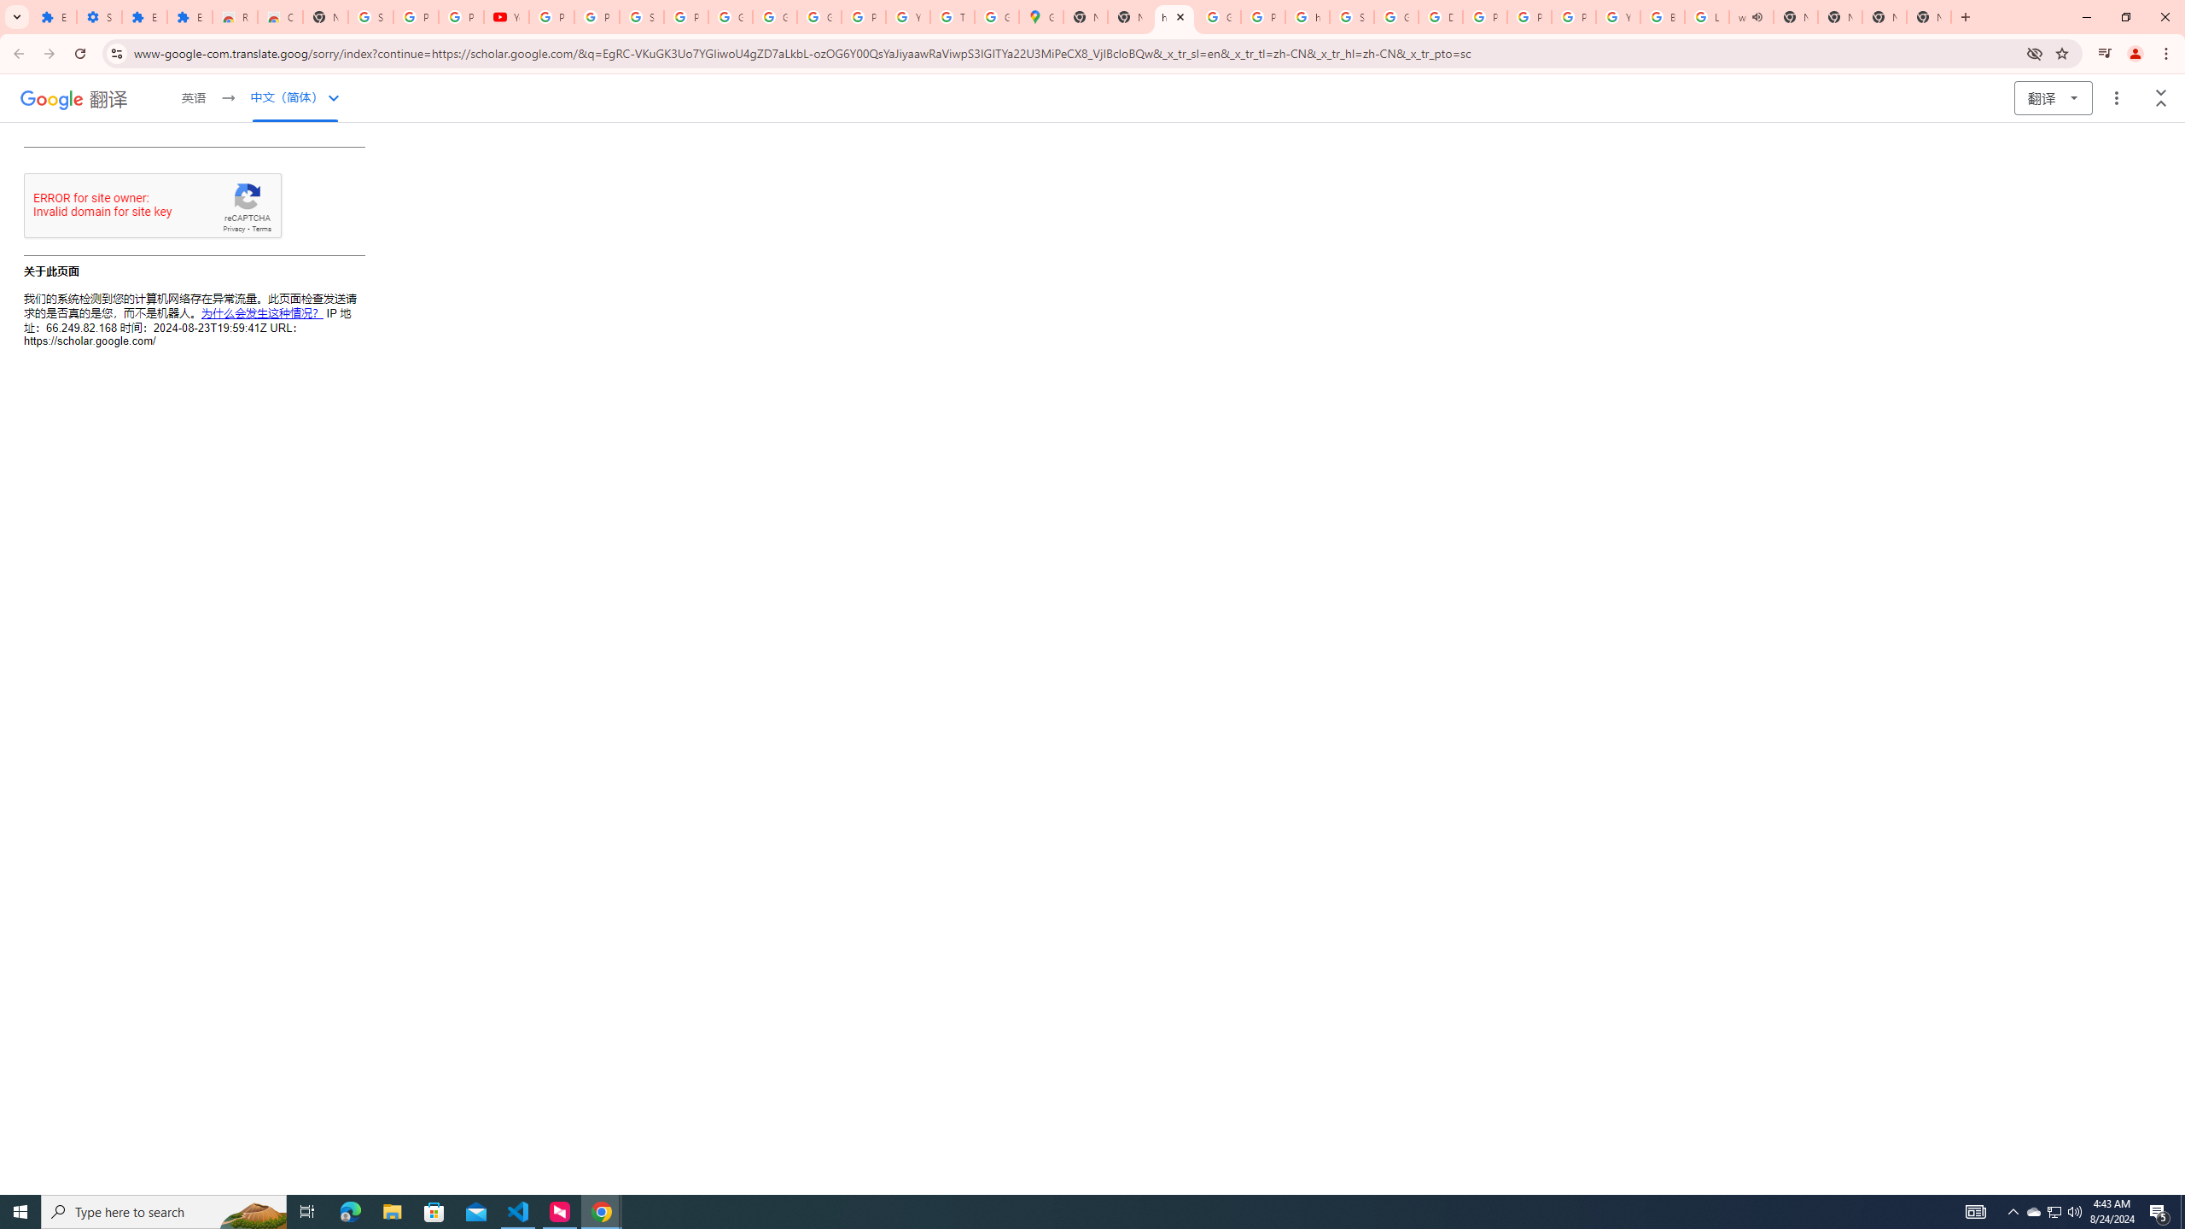 The height and width of the screenshot is (1229, 2185). Describe the element at coordinates (505, 16) in the screenshot. I see `'YouTube'` at that location.